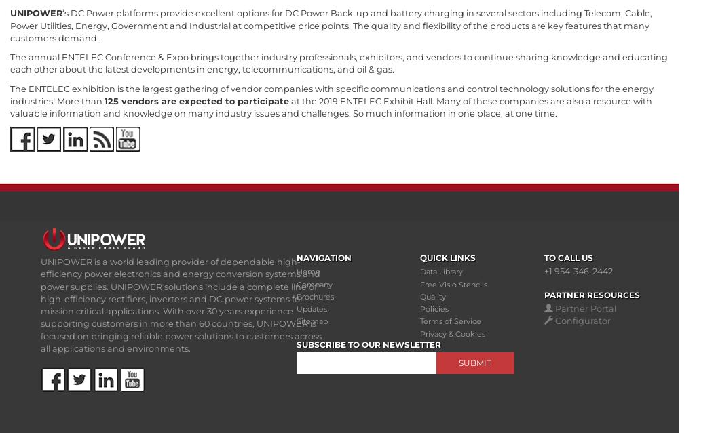 The width and height of the screenshot is (716, 433). I want to click on 'Terms of Service', so click(450, 321).